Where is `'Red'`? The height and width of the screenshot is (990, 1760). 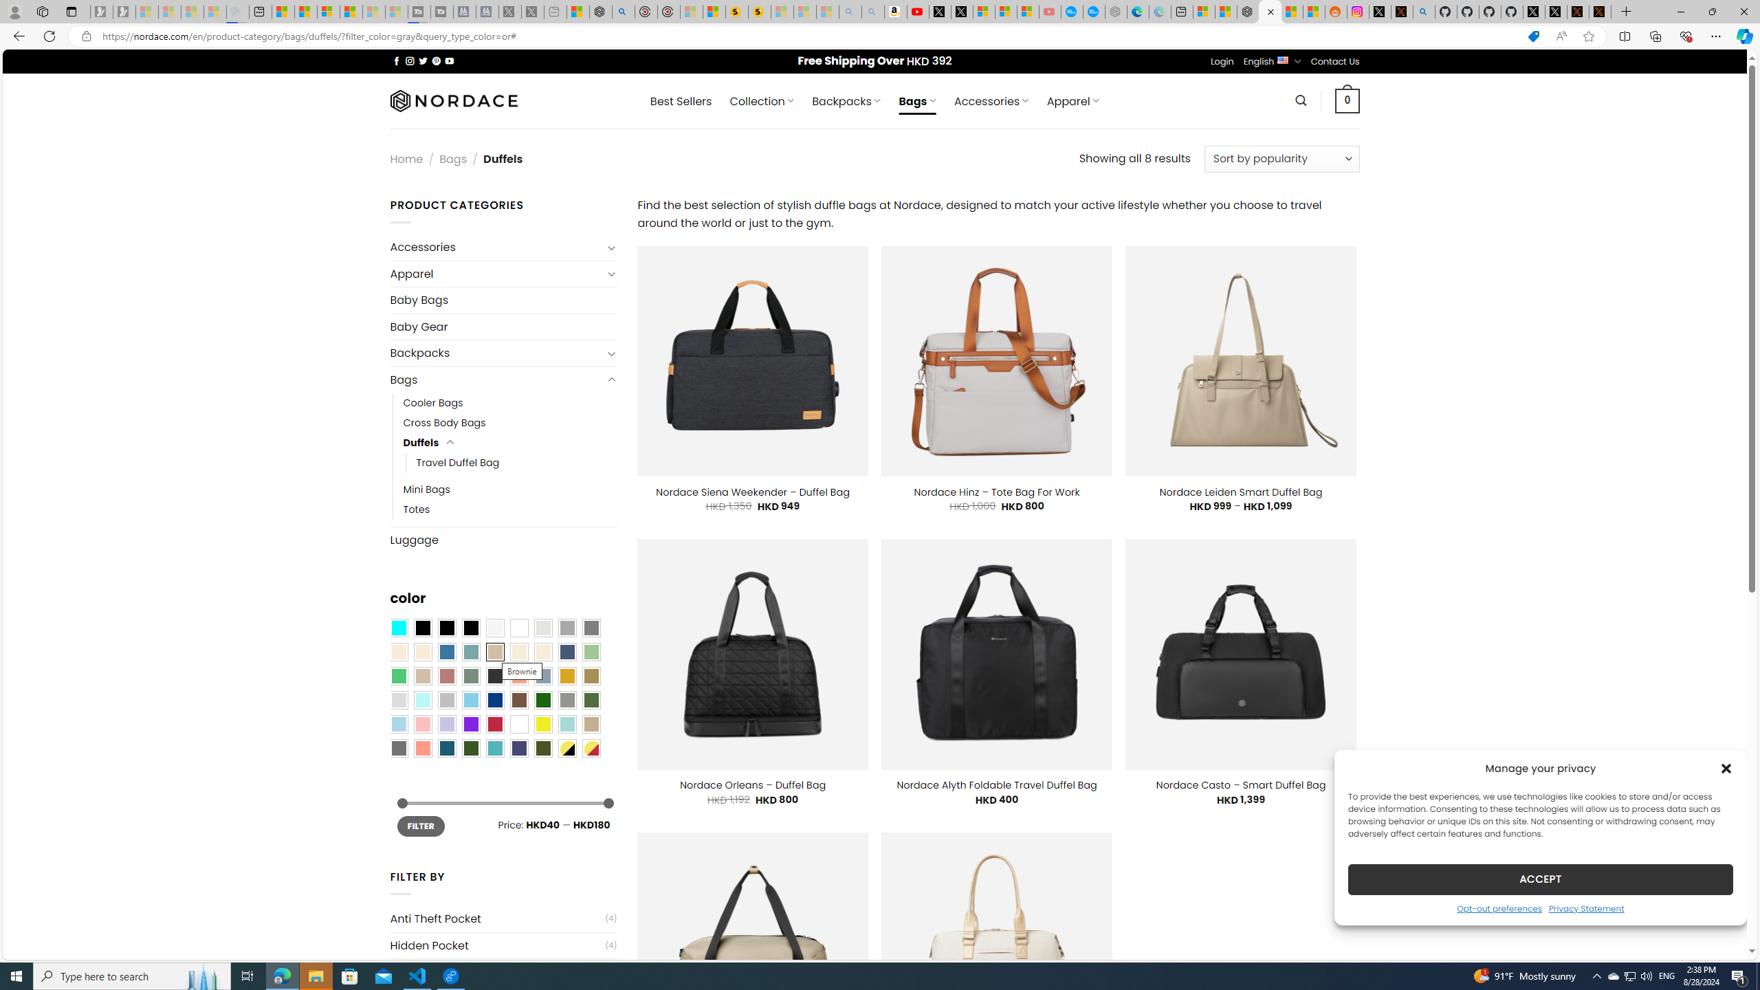 'Red' is located at coordinates (494, 724).